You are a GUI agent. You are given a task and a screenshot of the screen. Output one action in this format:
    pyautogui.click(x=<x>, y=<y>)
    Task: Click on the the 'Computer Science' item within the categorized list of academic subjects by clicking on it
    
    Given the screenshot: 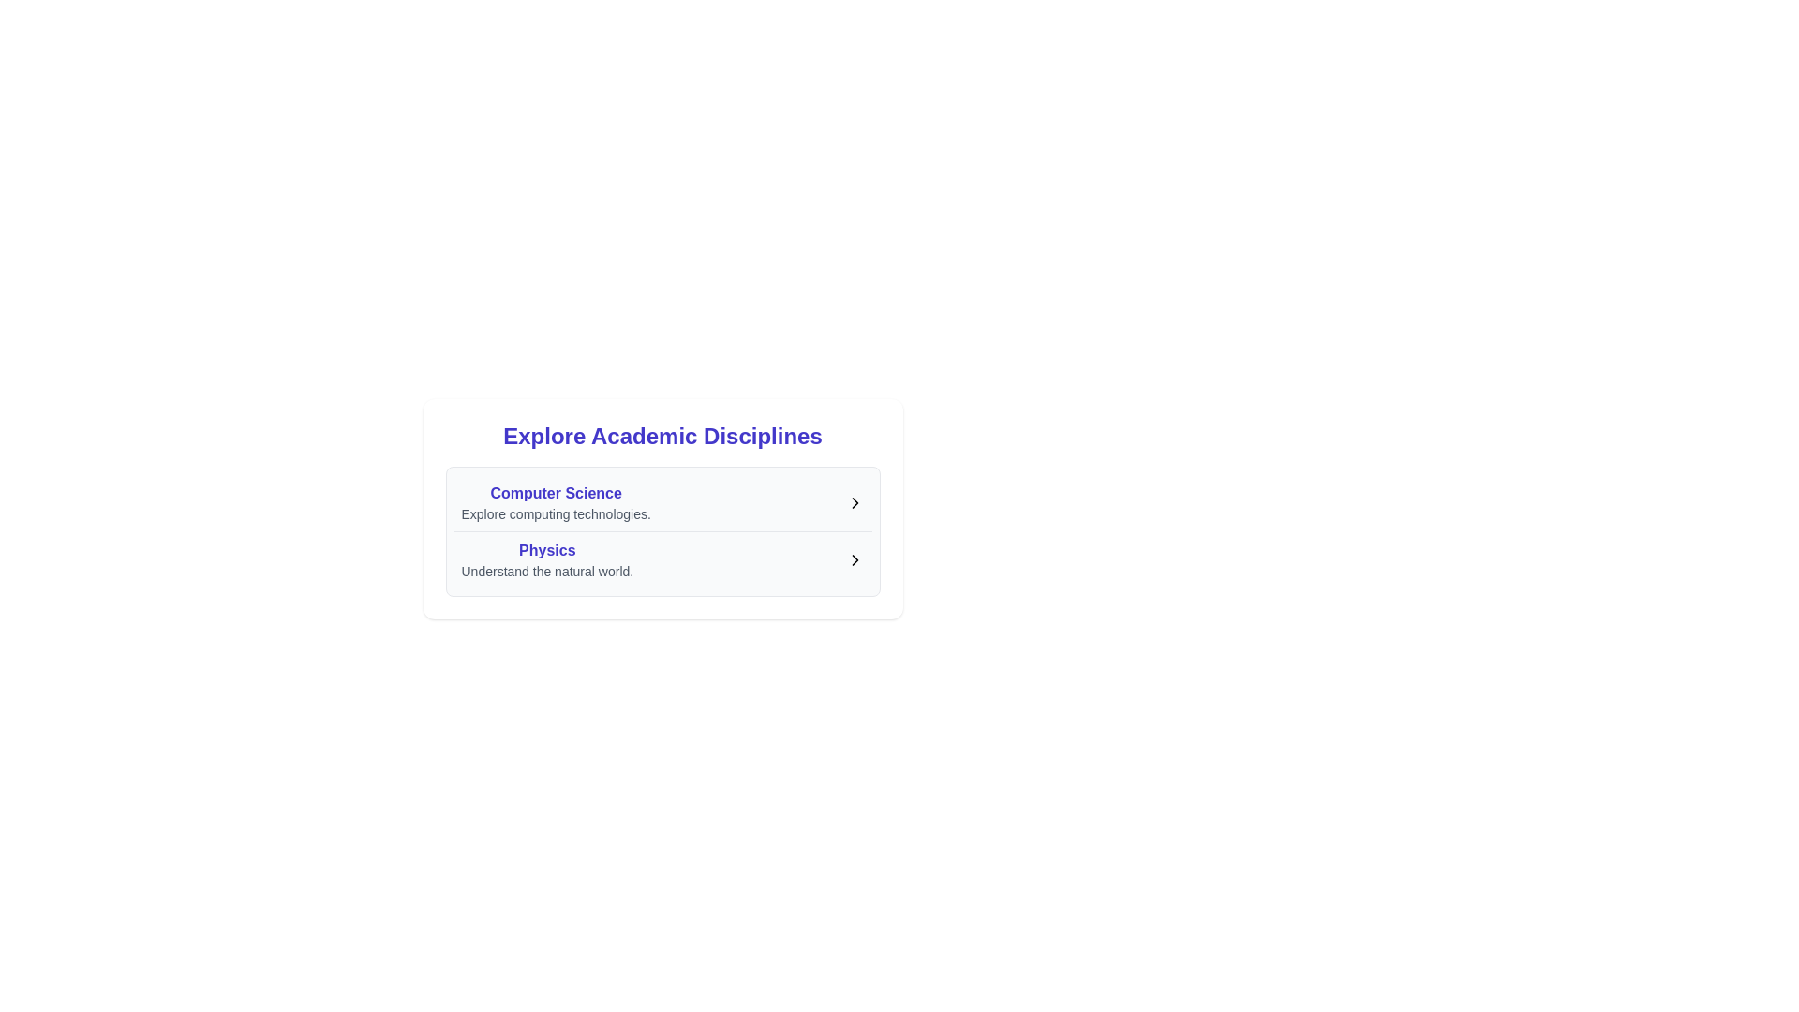 What is the action you would take?
    pyautogui.click(x=662, y=531)
    